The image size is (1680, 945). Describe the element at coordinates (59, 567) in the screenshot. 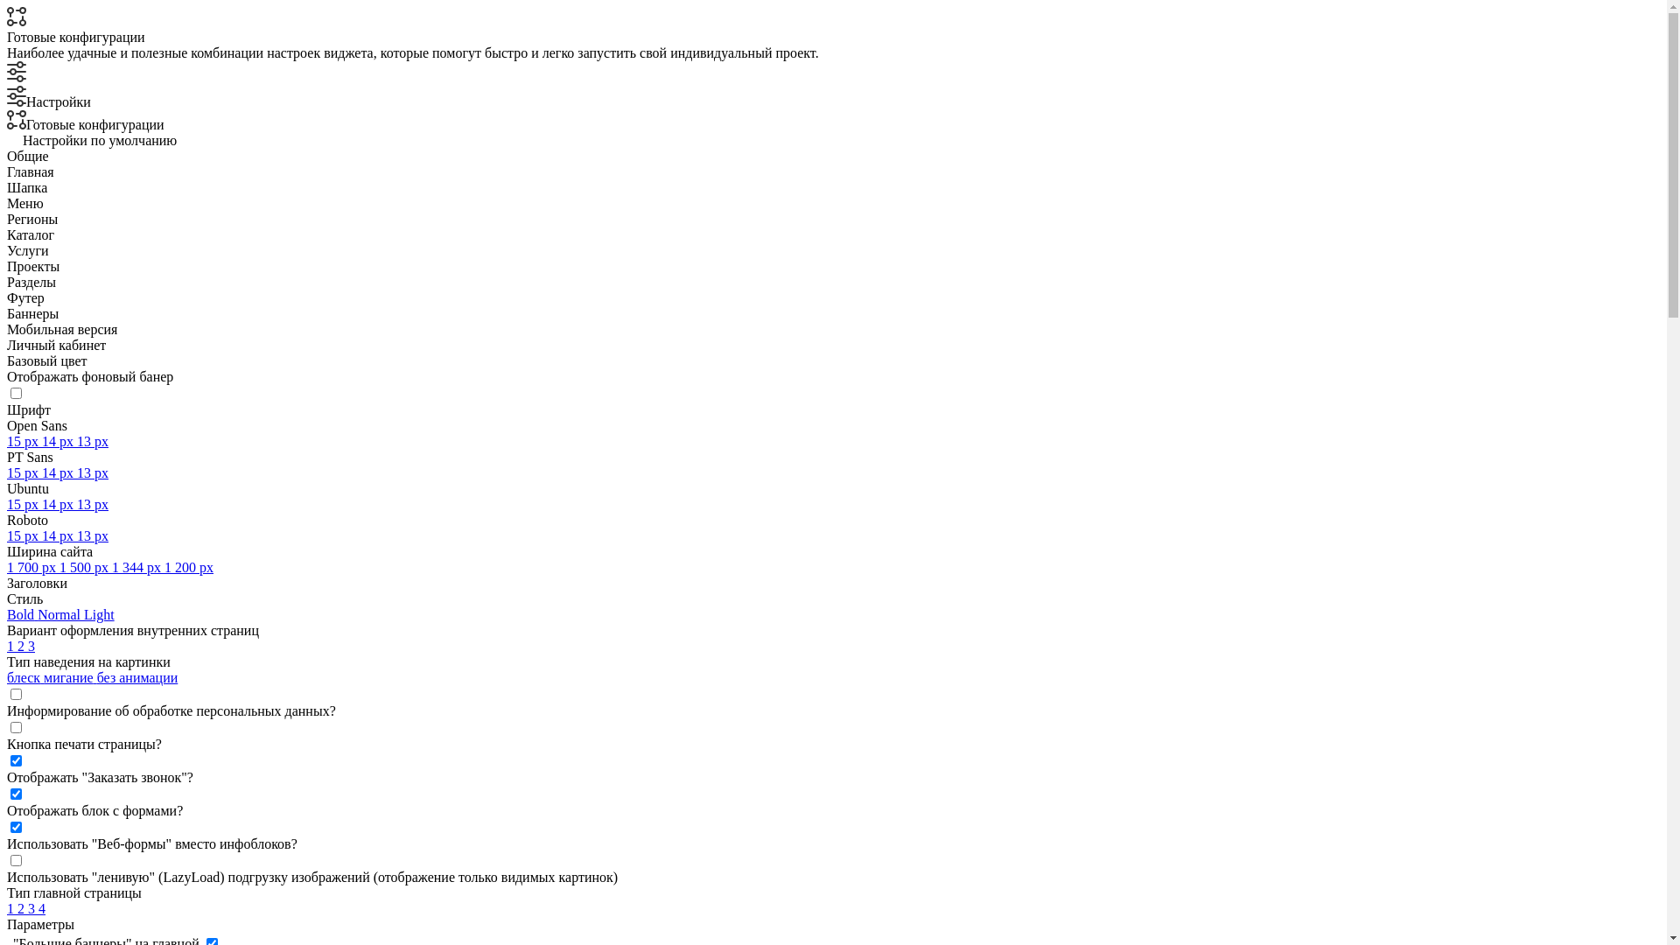

I see `'1 500 px'` at that location.